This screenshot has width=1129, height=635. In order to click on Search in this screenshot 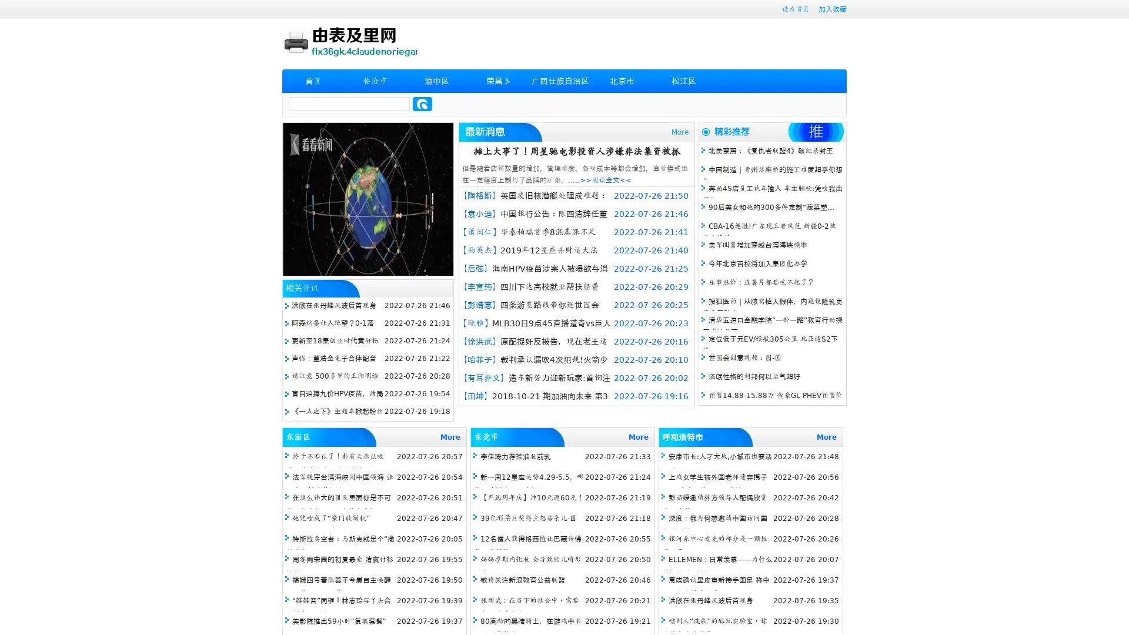, I will do `click(422, 103)`.